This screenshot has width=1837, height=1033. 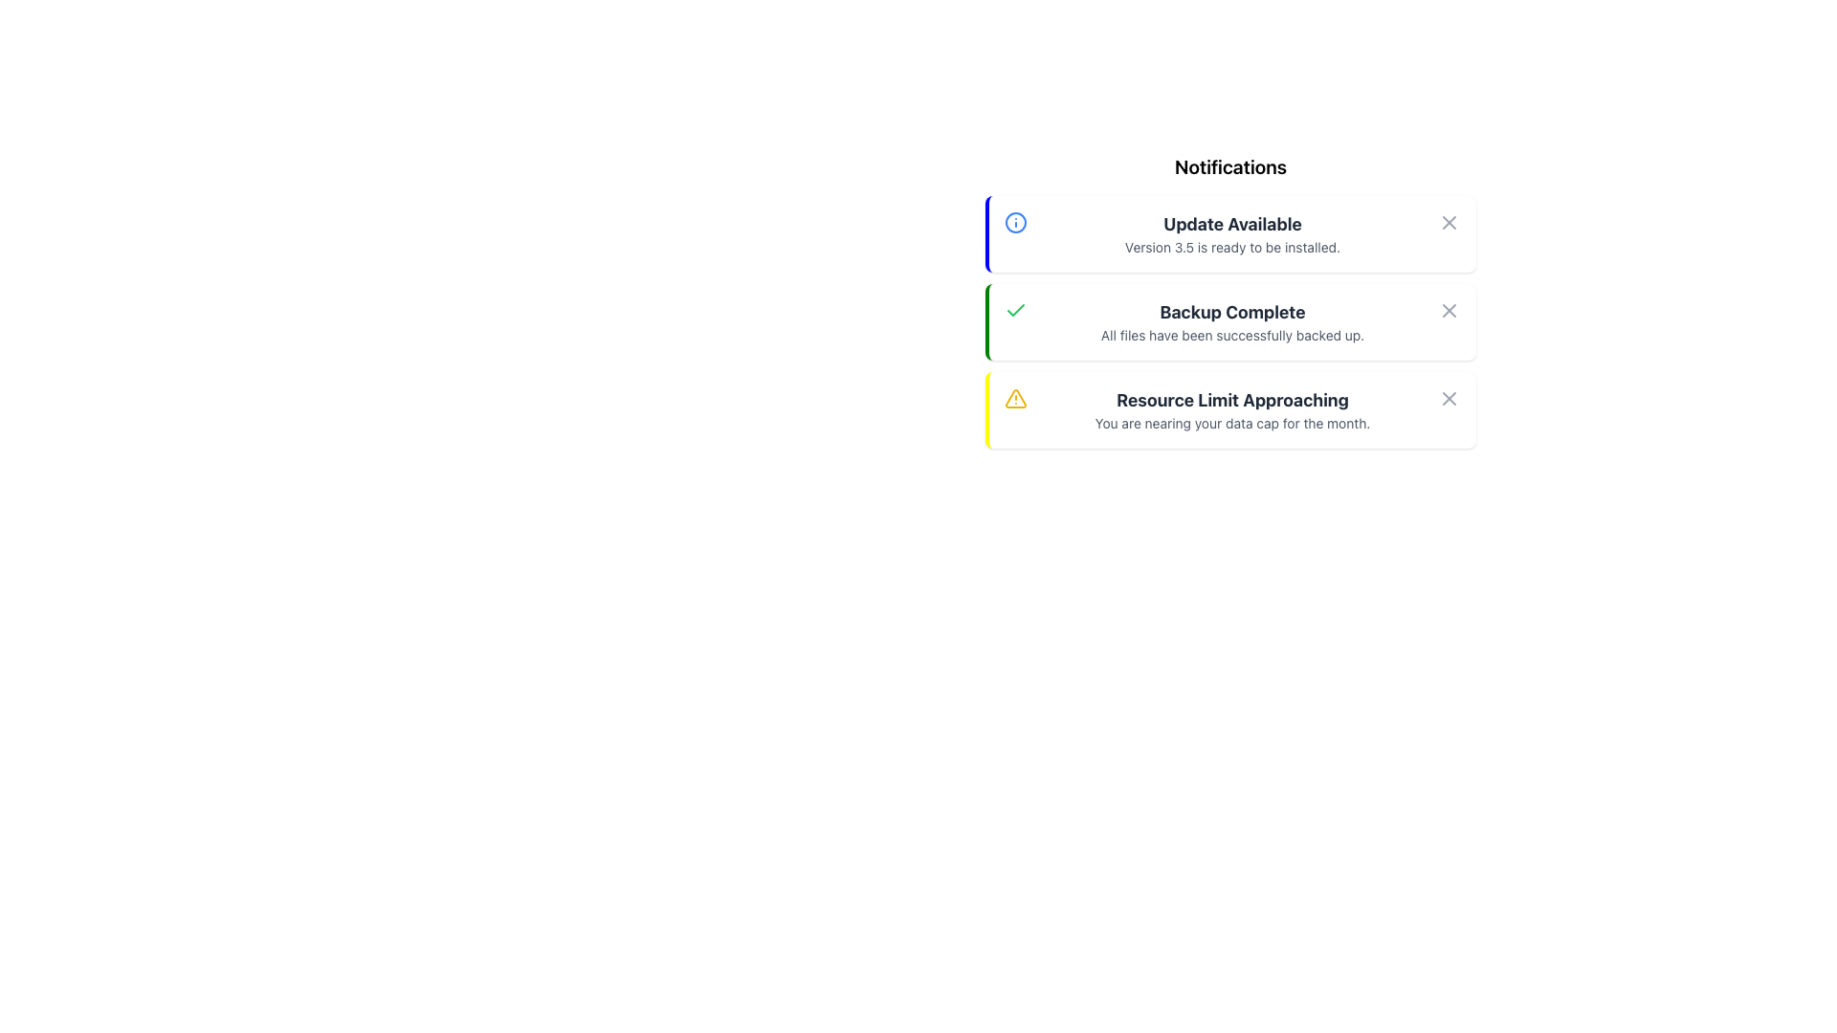 I want to click on the dismiss button located at the right section of the 'Resource Limit Approaching' notification card, so click(x=1450, y=397).